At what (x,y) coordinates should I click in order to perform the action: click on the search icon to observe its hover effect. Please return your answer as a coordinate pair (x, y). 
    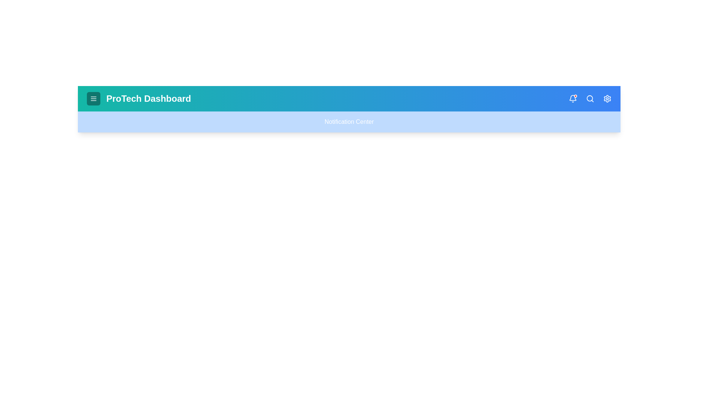
    Looking at the image, I should click on (589, 98).